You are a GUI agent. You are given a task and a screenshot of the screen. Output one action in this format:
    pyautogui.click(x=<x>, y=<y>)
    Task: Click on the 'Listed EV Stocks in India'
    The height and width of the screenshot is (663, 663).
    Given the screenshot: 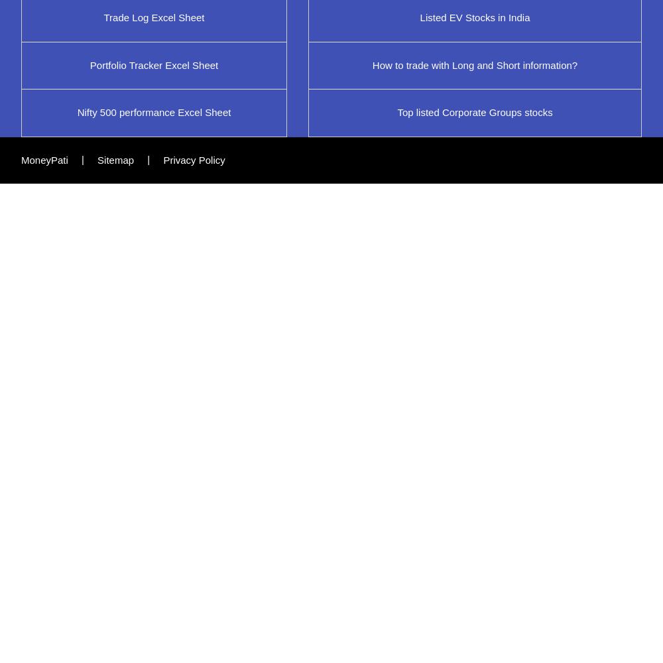 What is the action you would take?
    pyautogui.click(x=474, y=17)
    